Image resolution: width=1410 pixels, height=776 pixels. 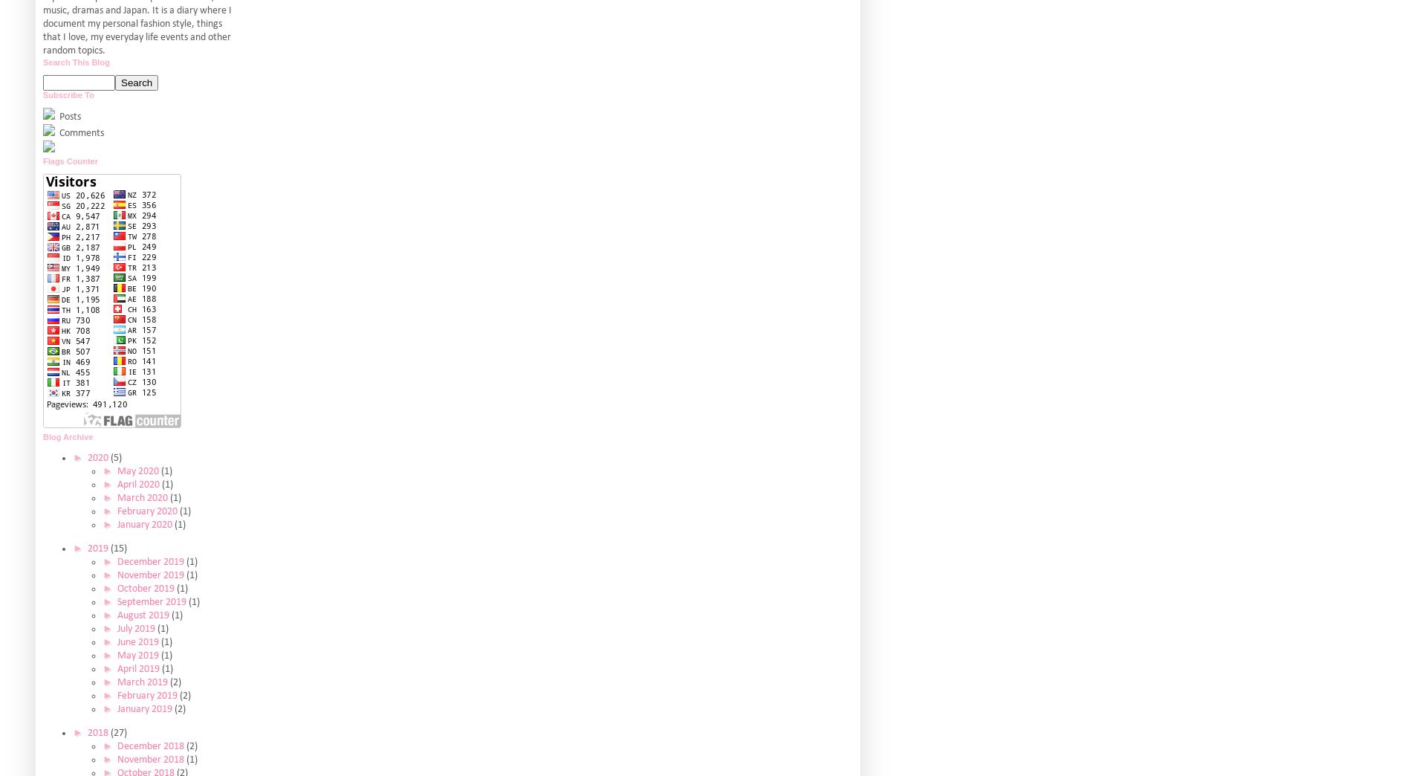 What do you see at coordinates (68, 436) in the screenshot?
I see `'Blog Archive'` at bounding box center [68, 436].